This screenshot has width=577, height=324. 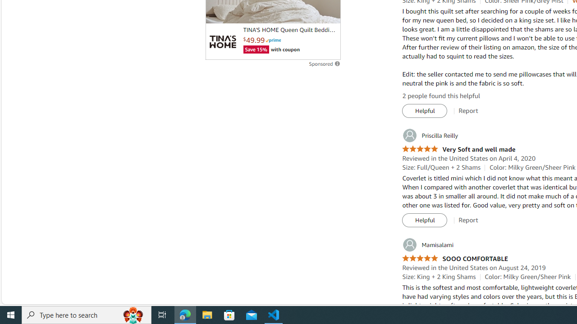 What do you see at coordinates (430, 135) in the screenshot?
I see `'Priscilla Reilly'` at bounding box center [430, 135].